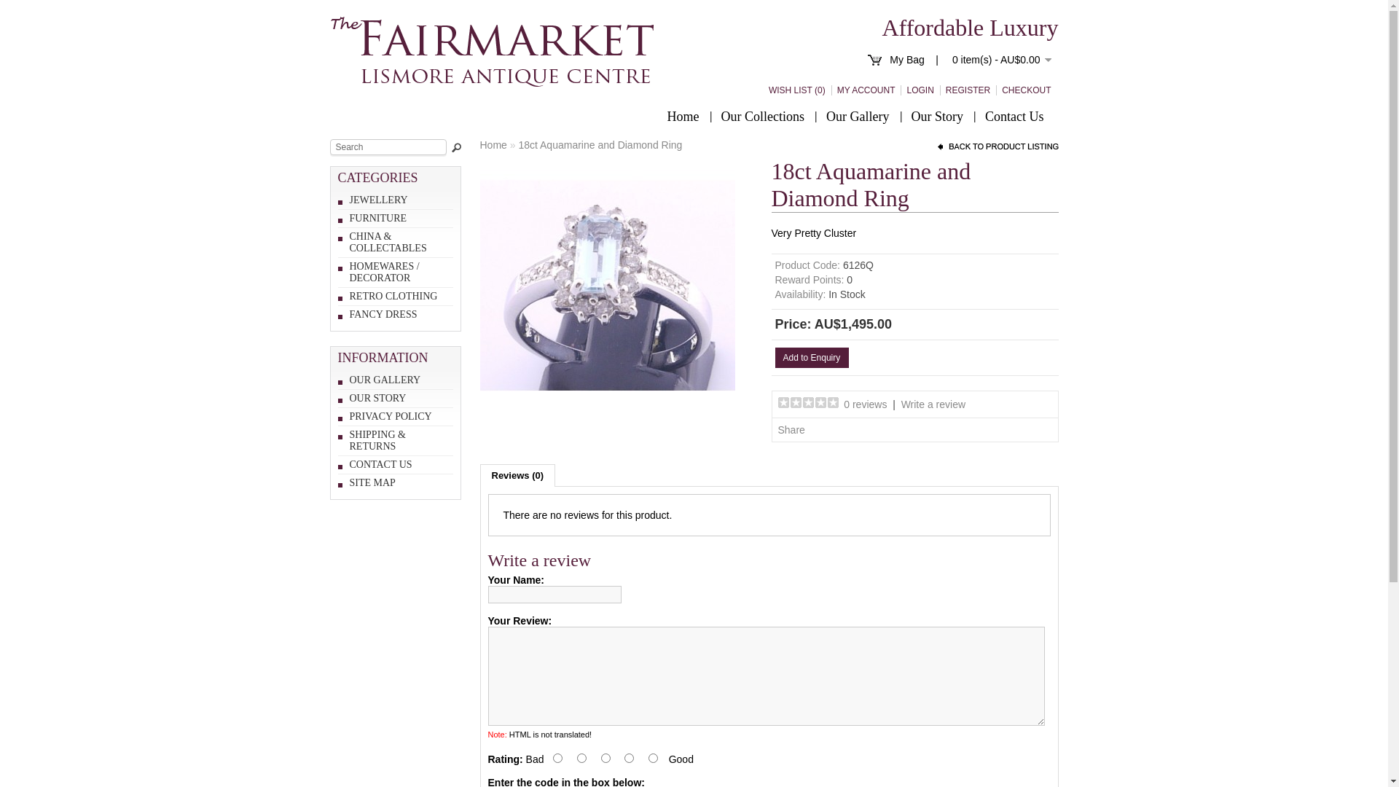  What do you see at coordinates (492, 50) in the screenshot?
I see `'The Fairmarket Lismore Antique Centre'` at bounding box center [492, 50].